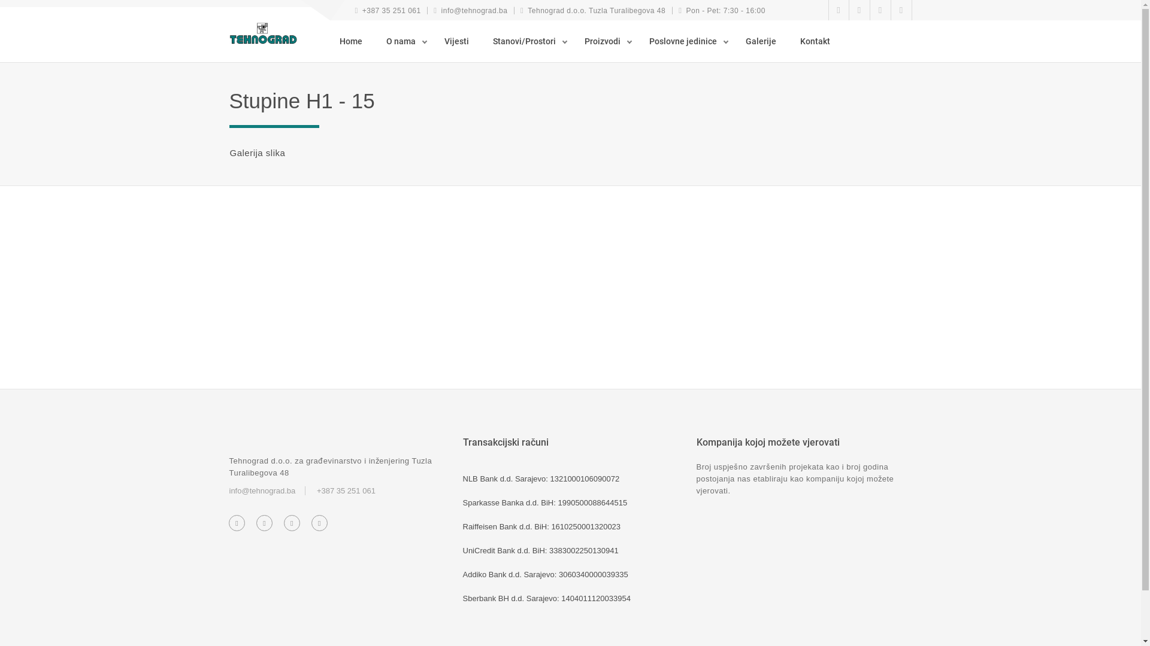 This screenshot has width=1150, height=646. Describe the element at coordinates (353, 41) in the screenshot. I see `'Home'` at that location.